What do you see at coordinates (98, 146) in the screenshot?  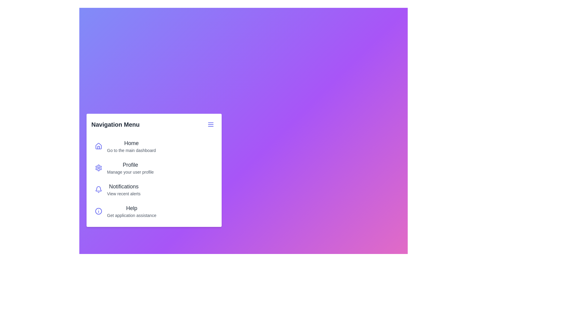 I see `the menu item labeled 'Home' to highlight it` at bounding box center [98, 146].